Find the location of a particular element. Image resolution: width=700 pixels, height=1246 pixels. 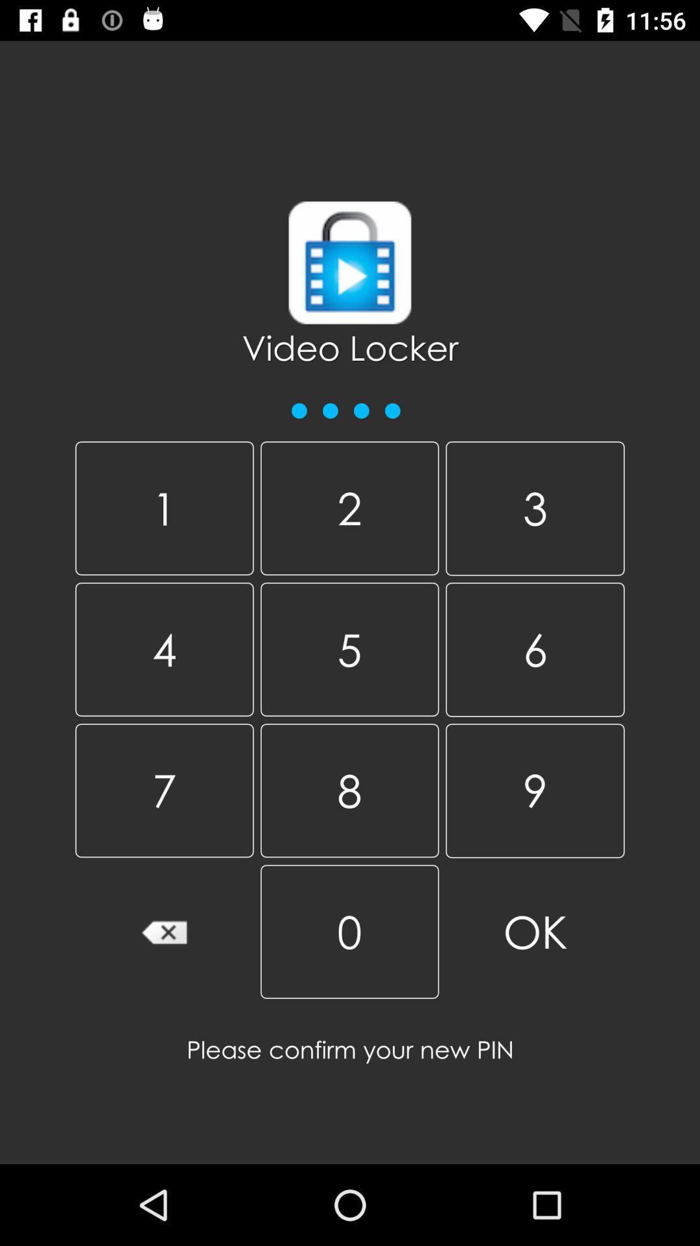

the icon to the right of 4 is located at coordinates (349, 790).